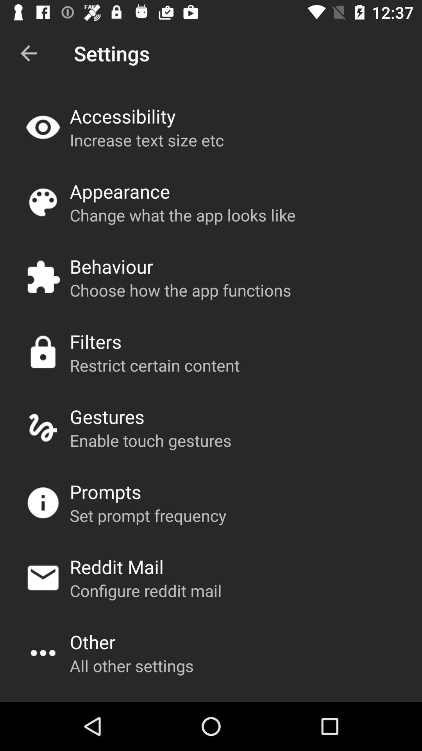 This screenshot has height=751, width=422. I want to click on the item above set prompt frequency, so click(105, 491).